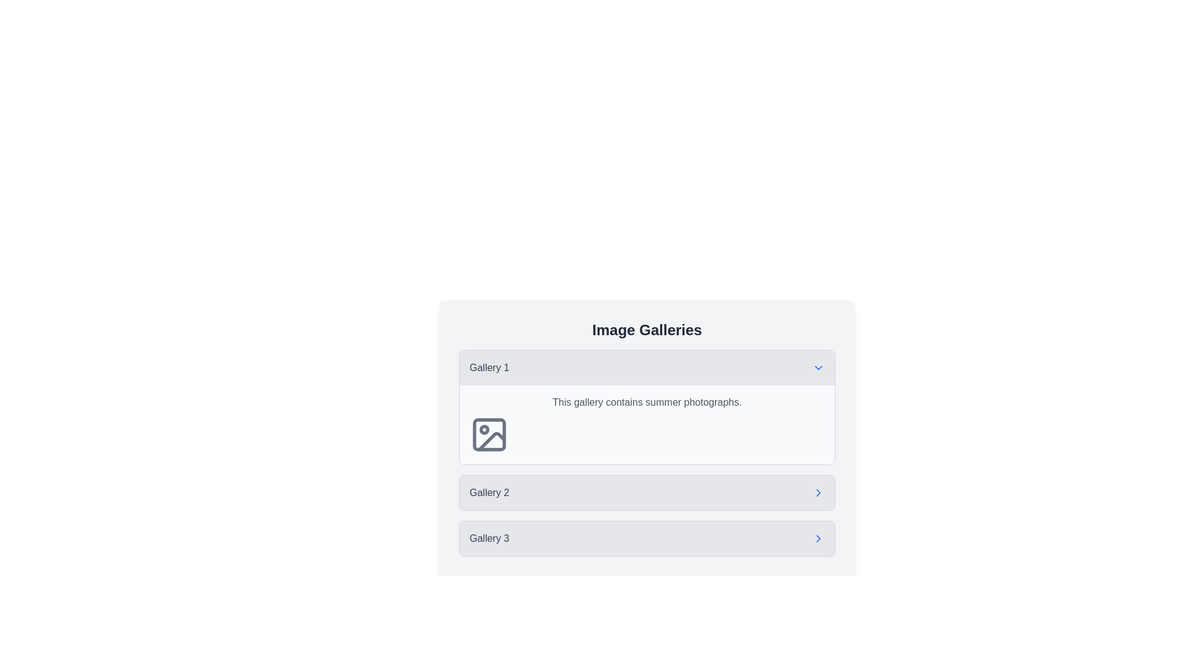 This screenshot has height=668, width=1188. What do you see at coordinates (819, 492) in the screenshot?
I see `the rightward-pointing chevron icon with a thin blue outline located at the far right end of the 'Gallery 2' row` at bounding box center [819, 492].